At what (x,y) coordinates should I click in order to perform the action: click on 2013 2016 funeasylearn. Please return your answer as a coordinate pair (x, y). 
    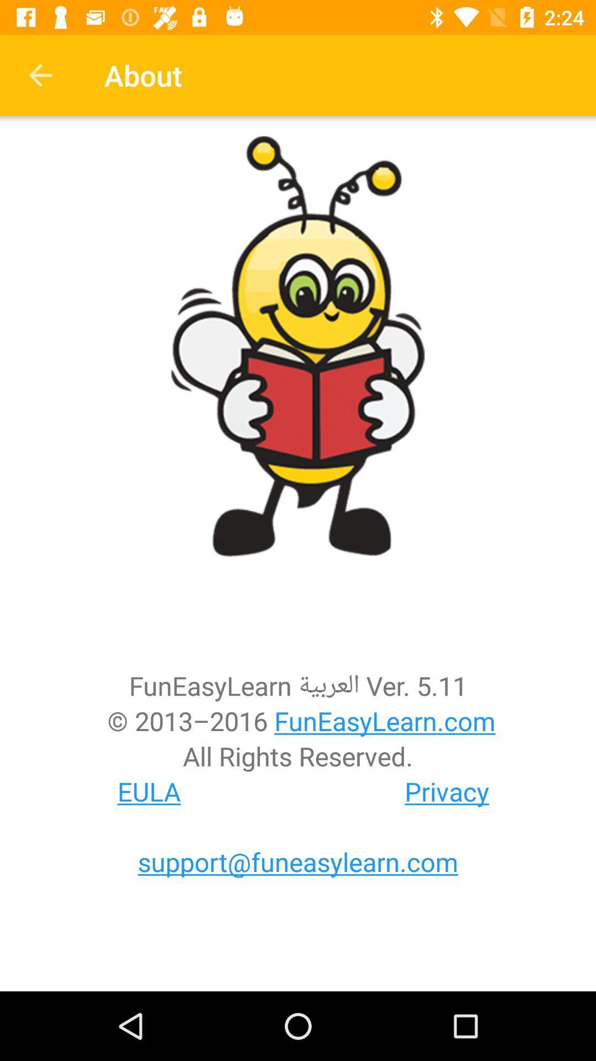
    Looking at the image, I should click on (298, 721).